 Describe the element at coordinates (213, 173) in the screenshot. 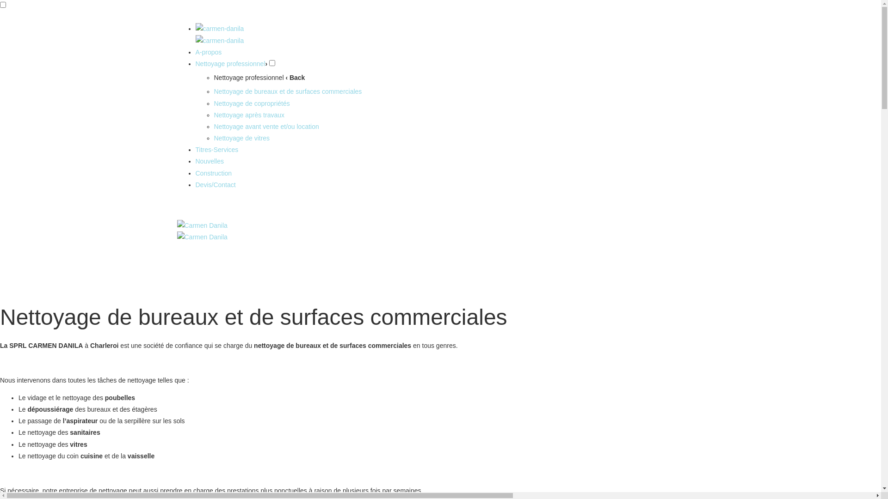

I see `'Construction'` at that location.